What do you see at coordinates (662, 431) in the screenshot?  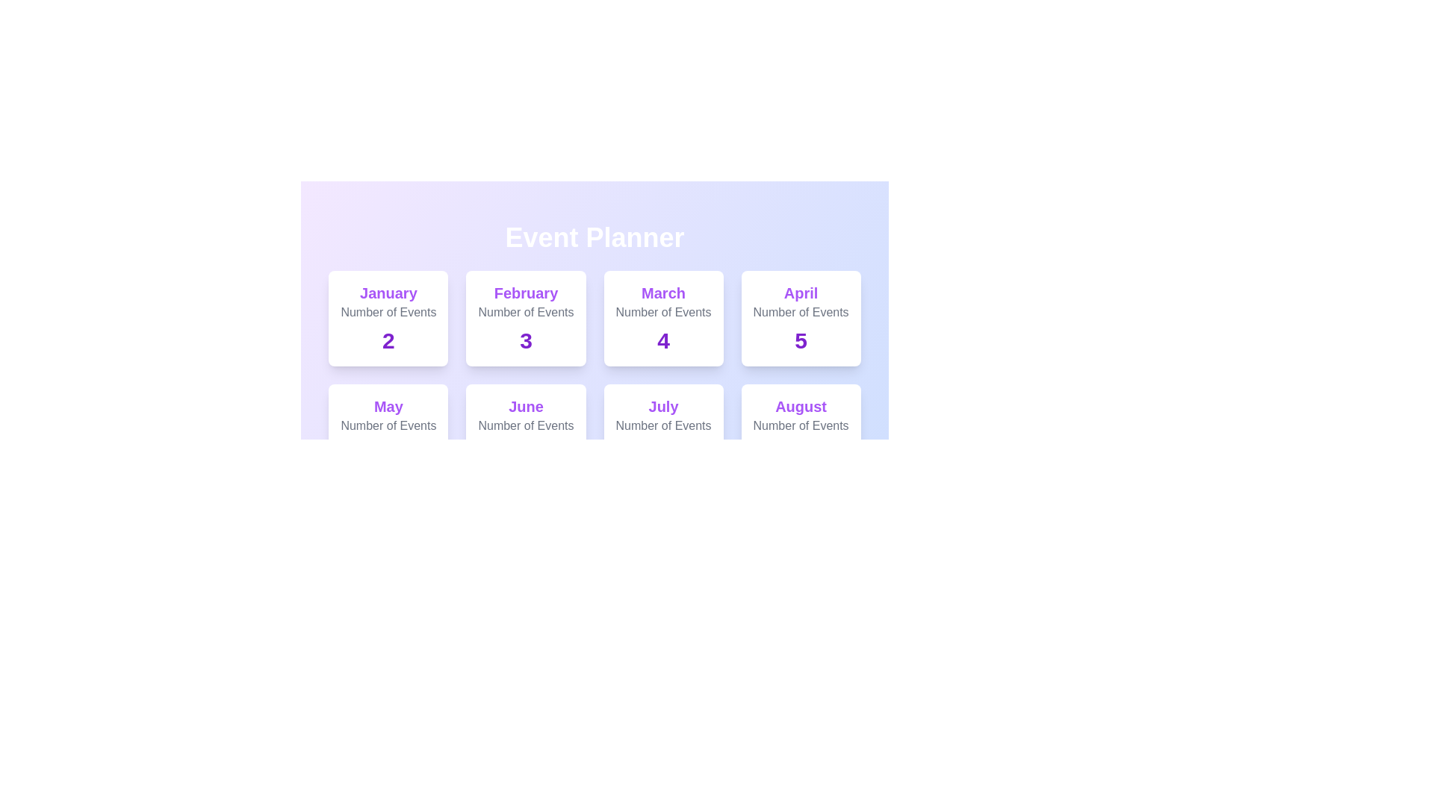 I see `the card for July` at bounding box center [662, 431].